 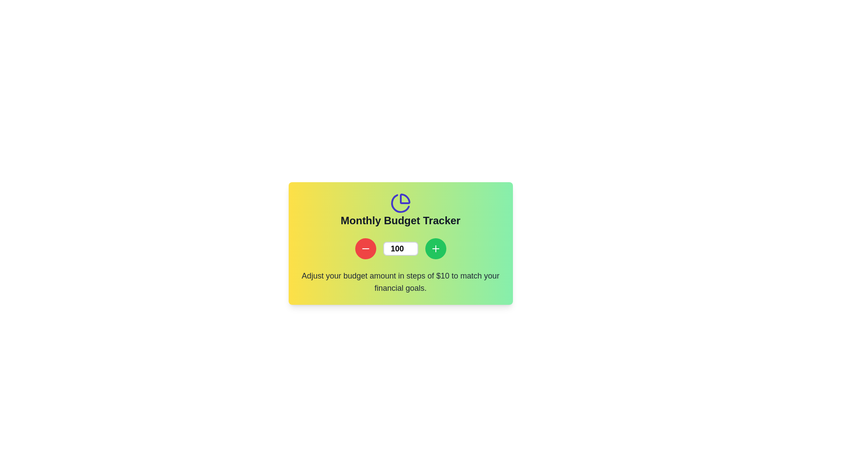 What do you see at coordinates (365, 248) in the screenshot?
I see `the minus icon (-) inside the red circular button to decrease the value in the numeric input field showing 100` at bounding box center [365, 248].